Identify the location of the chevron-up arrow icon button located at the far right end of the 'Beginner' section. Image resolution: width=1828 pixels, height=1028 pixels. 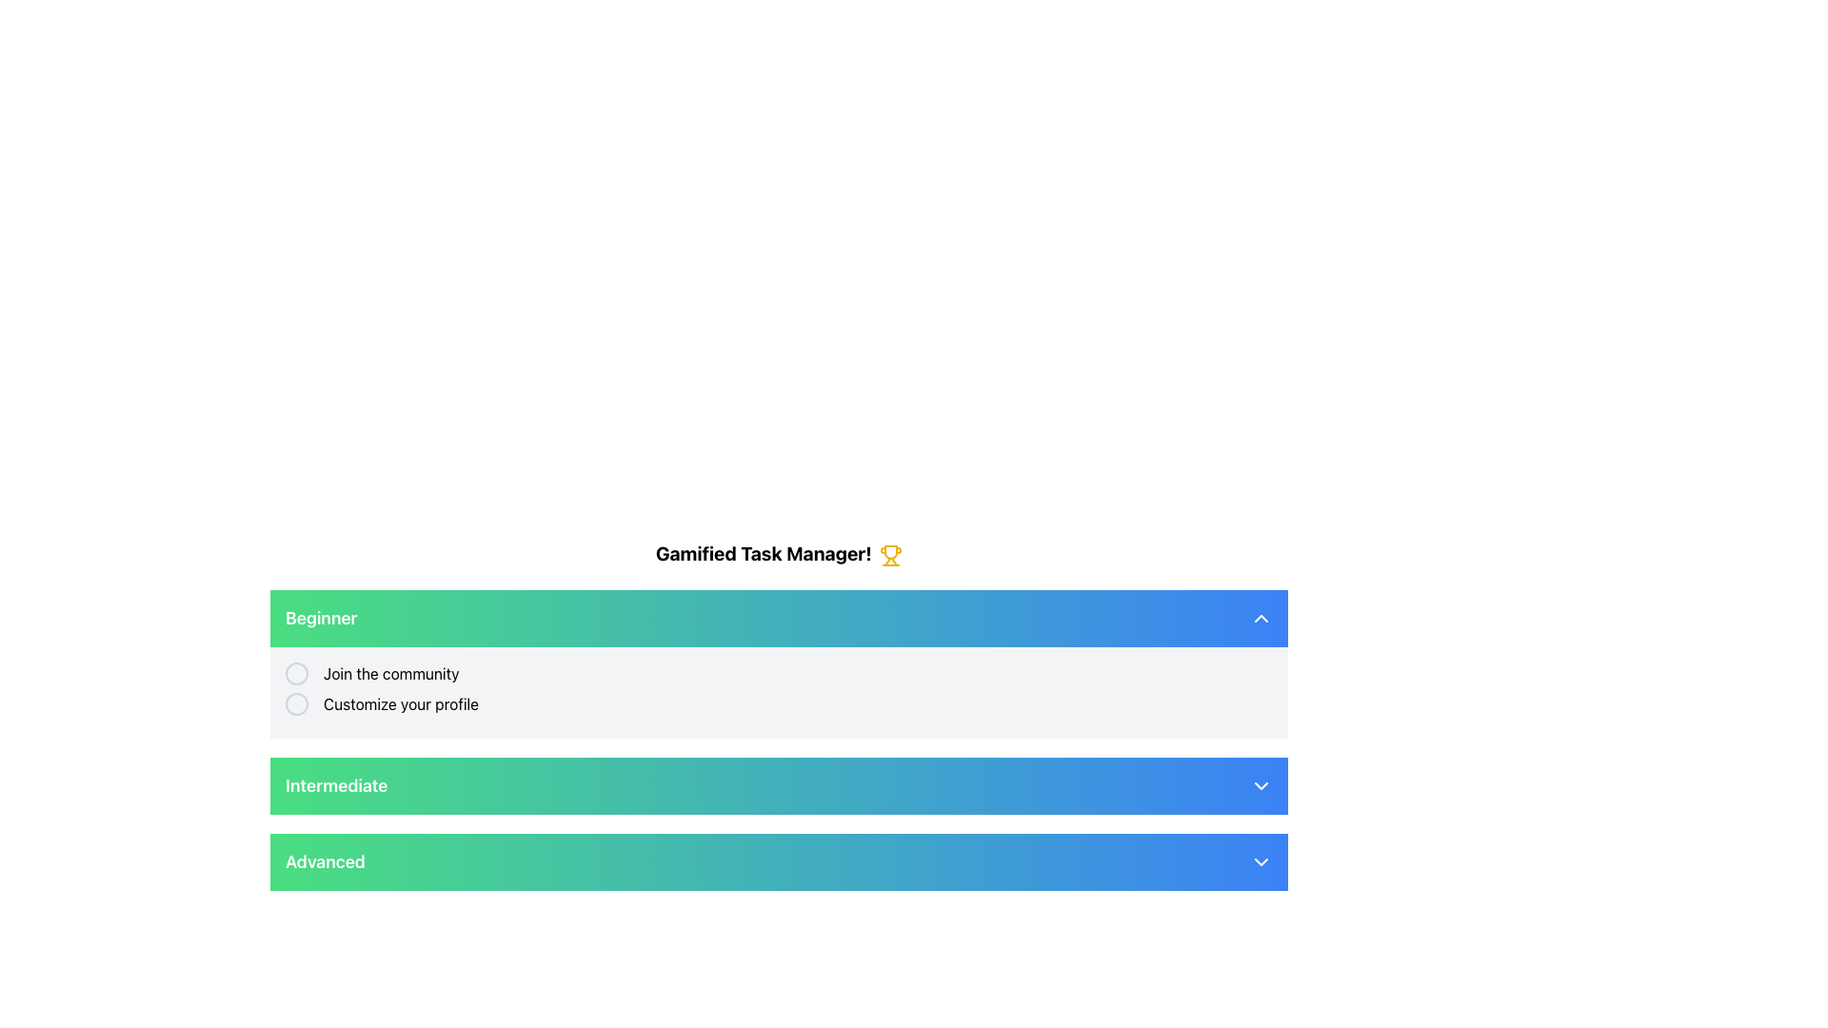
(1261, 619).